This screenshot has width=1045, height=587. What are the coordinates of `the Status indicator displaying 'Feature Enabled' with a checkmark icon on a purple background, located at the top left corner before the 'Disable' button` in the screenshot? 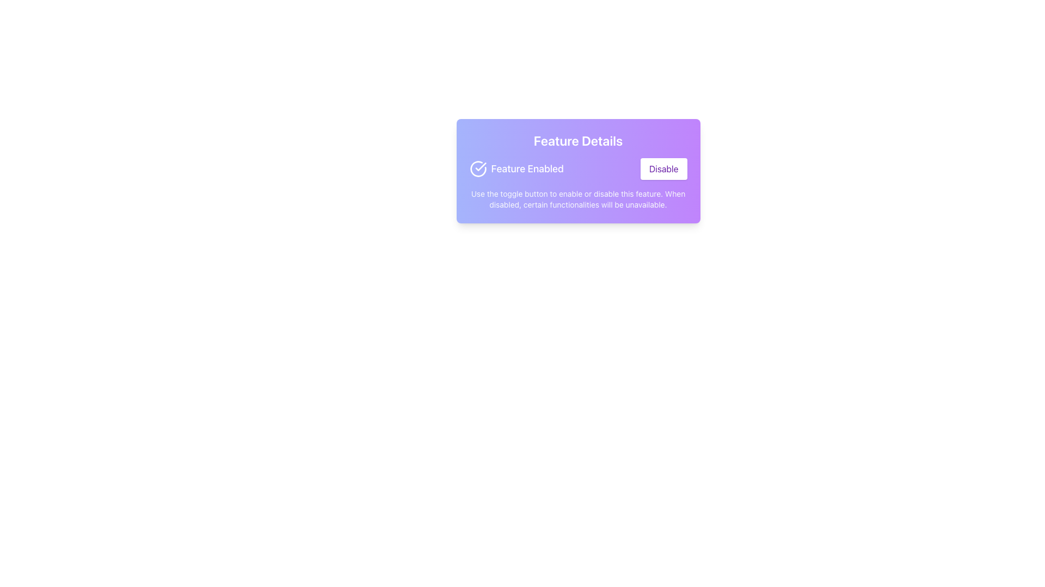 It's located at (516, 169).